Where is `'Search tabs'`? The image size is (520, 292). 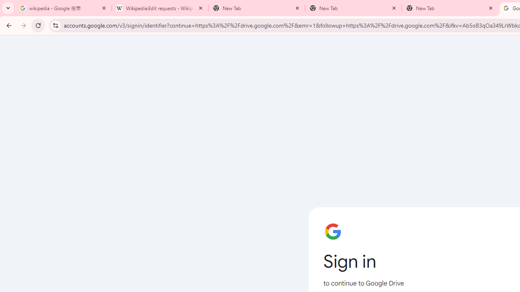
'Search tabs' is located at coordinates (8, 8).